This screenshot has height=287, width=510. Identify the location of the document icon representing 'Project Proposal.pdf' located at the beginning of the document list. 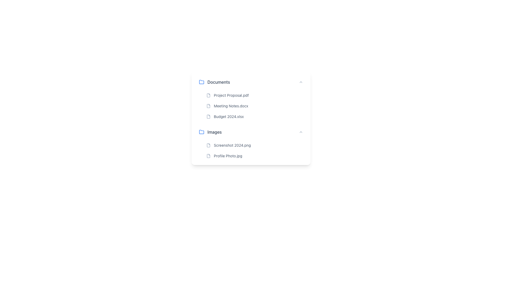
(208, 95).